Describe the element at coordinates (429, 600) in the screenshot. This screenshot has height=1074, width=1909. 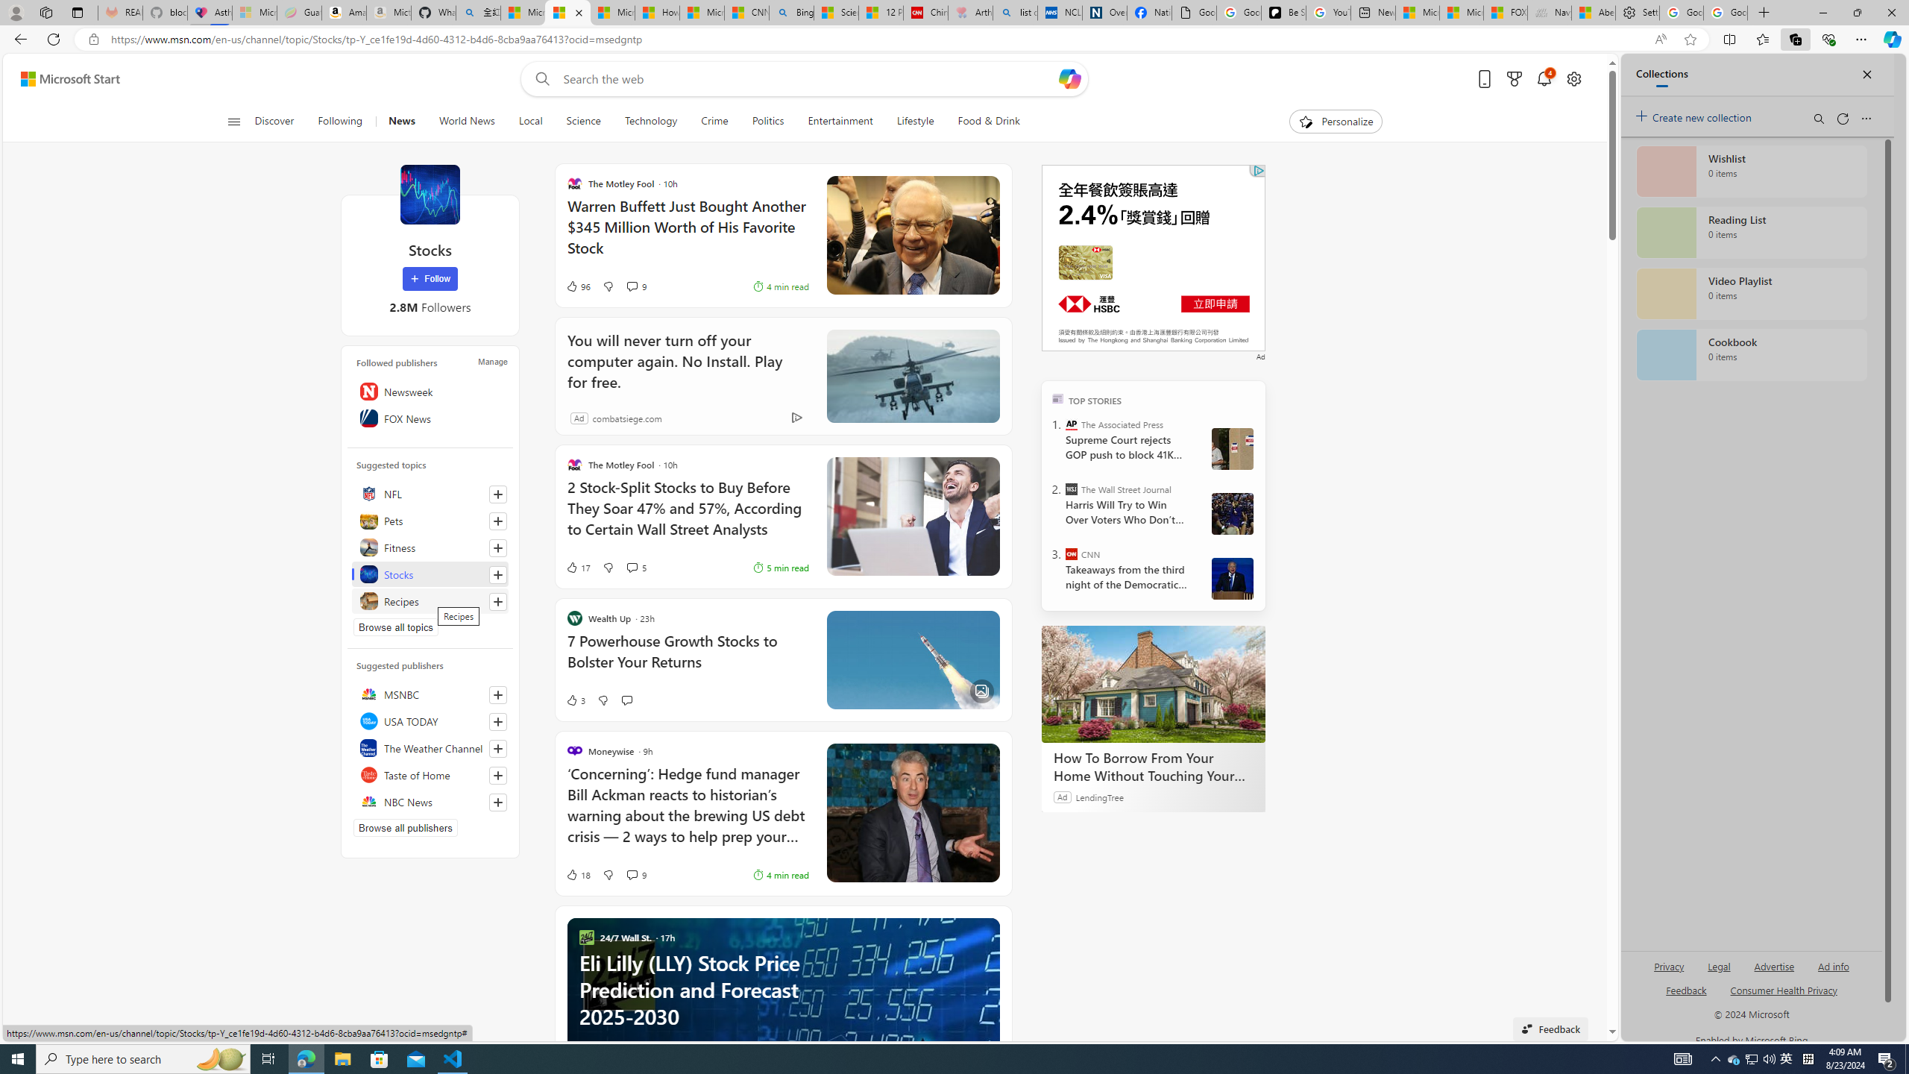
I see `'Recipes'` at that location.